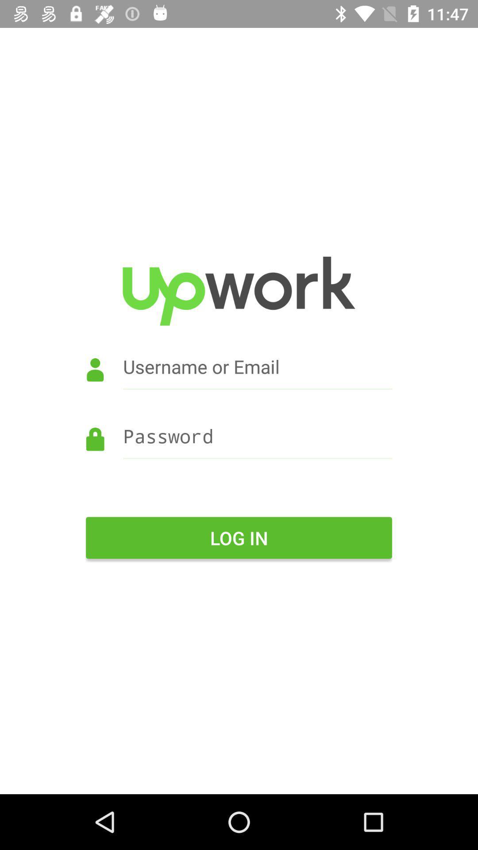  I want to click on username or email entry field, so click(239, 379).